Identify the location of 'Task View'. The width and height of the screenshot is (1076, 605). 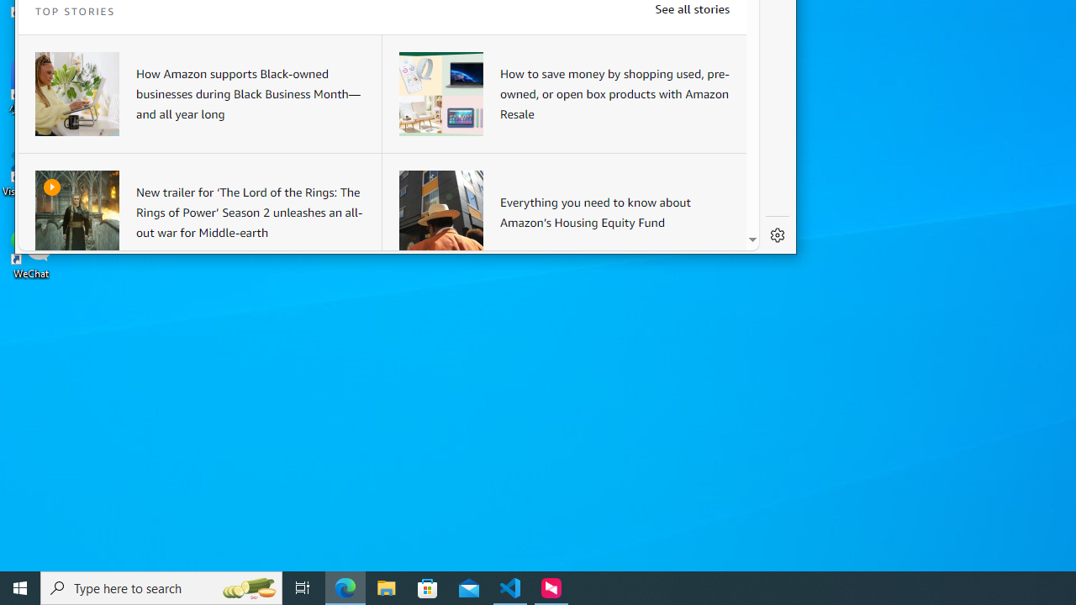
(302, 587).